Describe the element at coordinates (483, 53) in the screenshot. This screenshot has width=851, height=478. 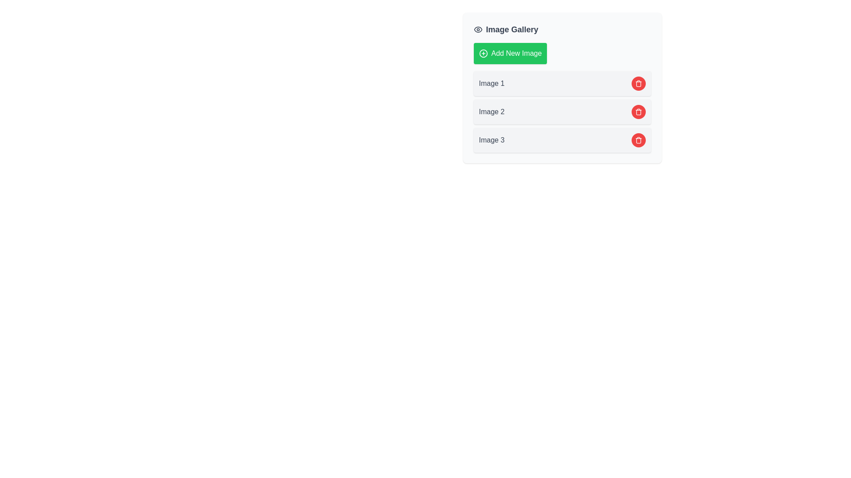
I see `the circular outline of the addition icon, which serves as the border of the 'Add New' function within the SVG icon located at the top-left corner of the 'Add New Image' button` at that location.